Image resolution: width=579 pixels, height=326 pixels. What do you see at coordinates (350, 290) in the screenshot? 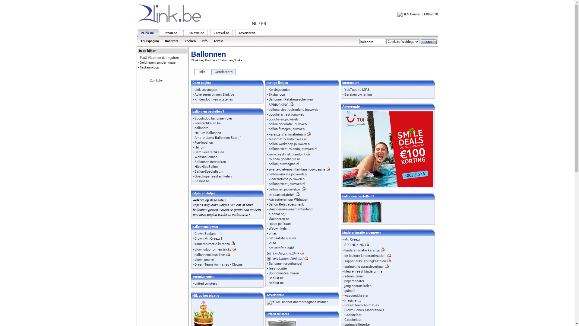
I see `'guinelli'` at bounding box center [350, 290].